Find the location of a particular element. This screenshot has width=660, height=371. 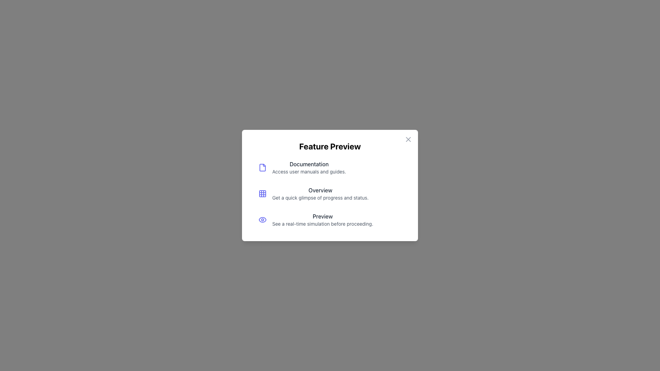

the close button located at the top-right corner of the modal is located at coordinates (408, 139).